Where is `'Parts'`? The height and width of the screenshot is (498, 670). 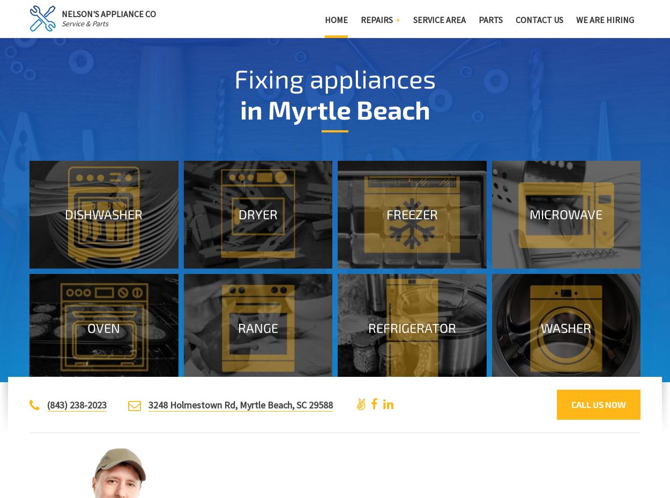
'Parts' is located at coordinates (490, 19).